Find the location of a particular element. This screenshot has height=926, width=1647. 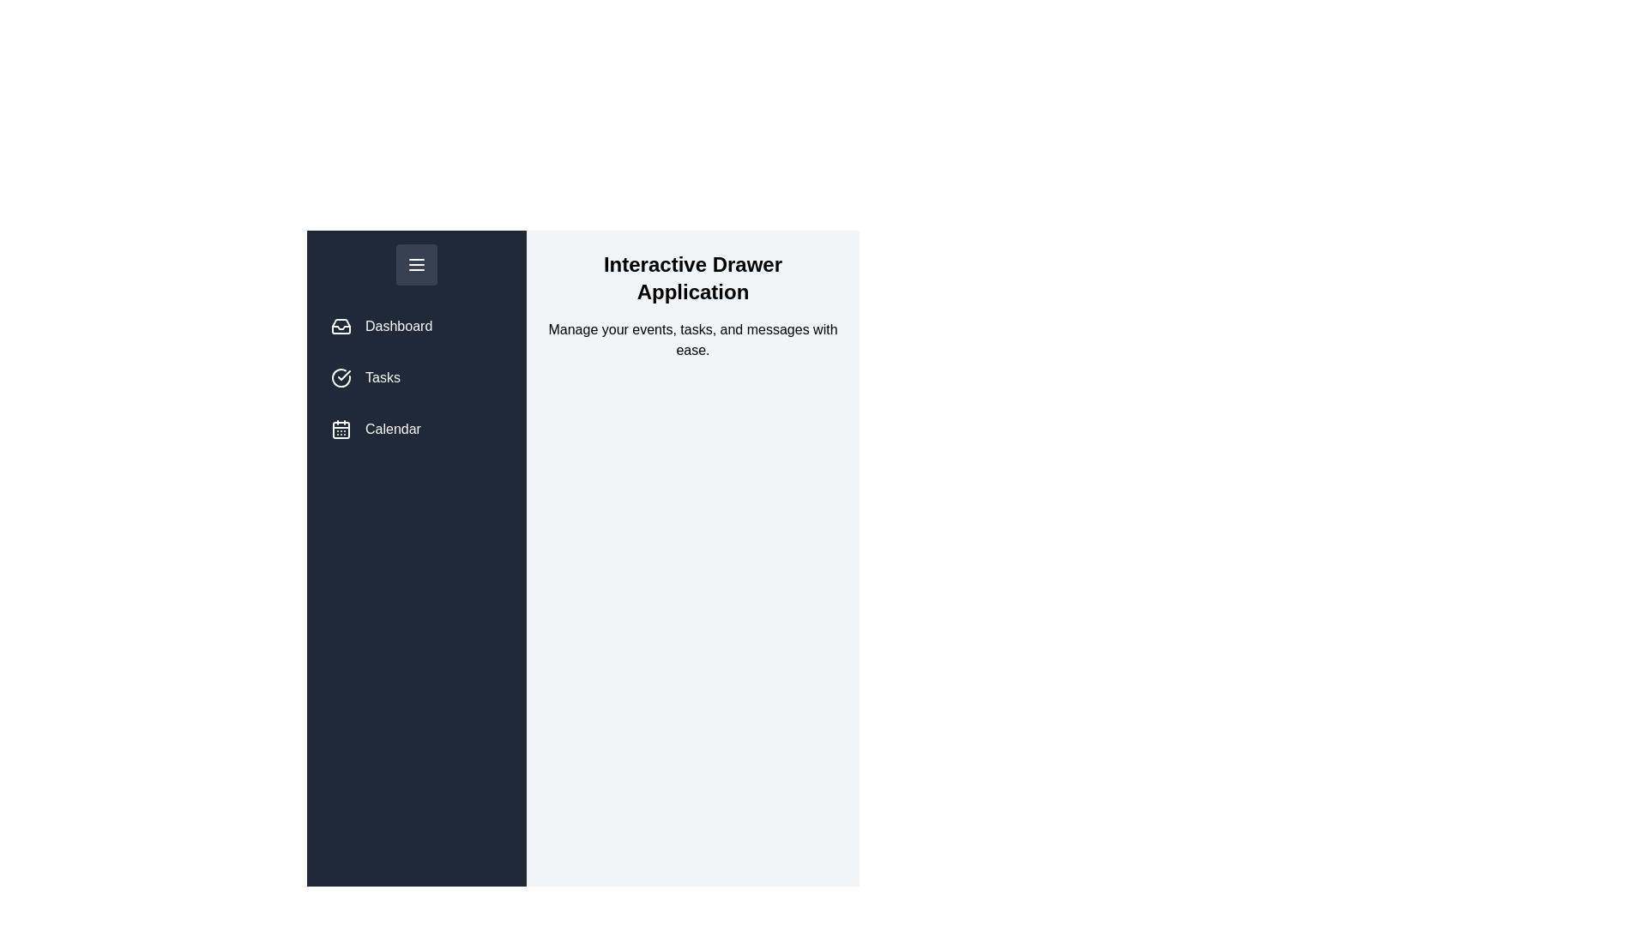

the 'Dashboard' text label located in the left vertical navigation bar, which is the first option above 'Tasks' and 'Calendar' is located at coordinates (398, 327).